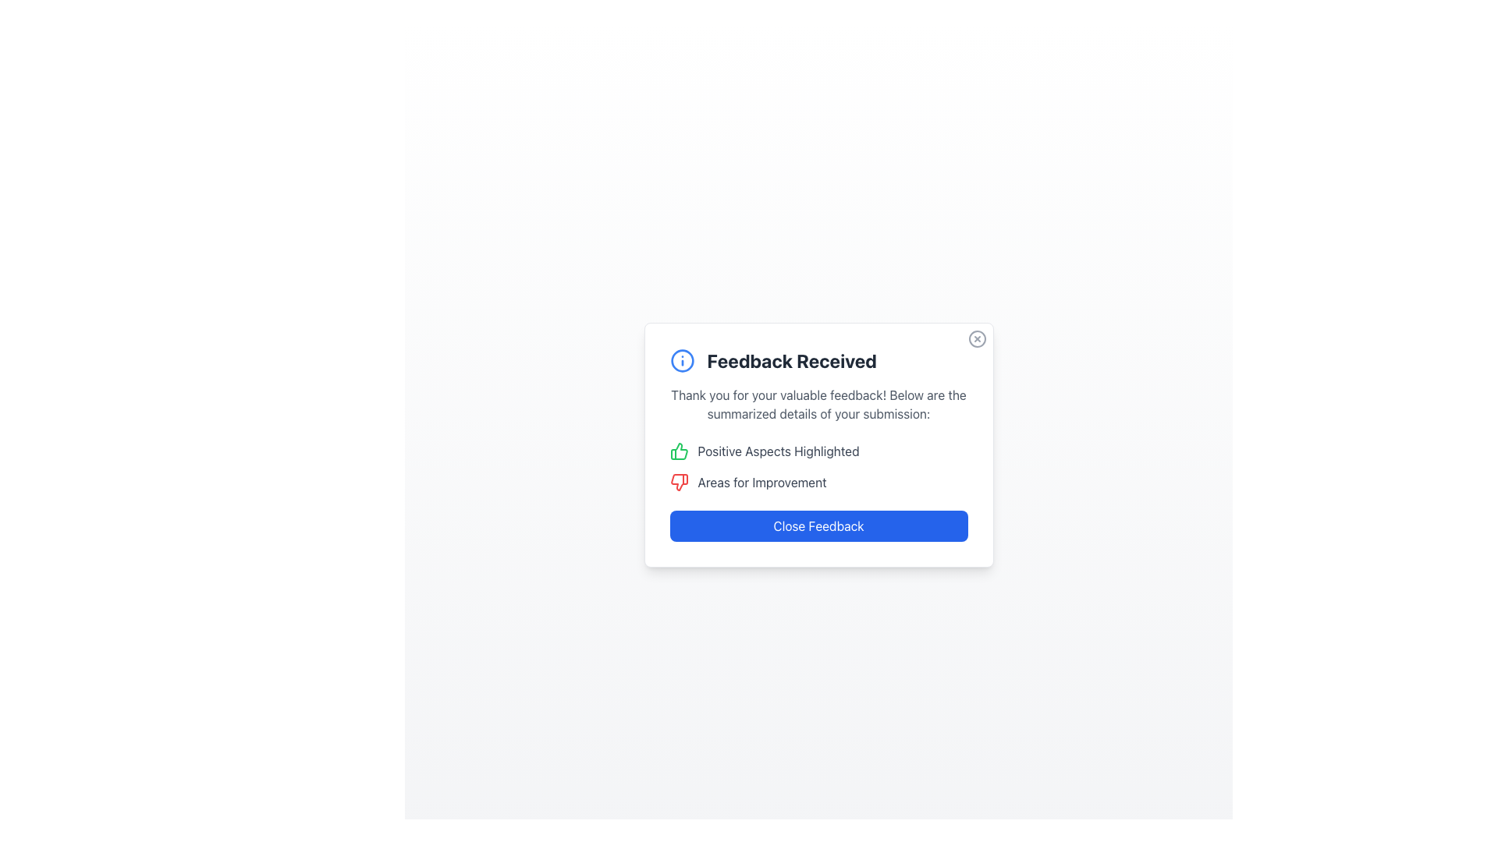 This screenshot has width=1498, height=842. Describe the element at coordinates (682, 360) in the screenshot. I see `the information icon with a blue outline located next to the 'Feedback Received' text in the notification dialog box` at that location.